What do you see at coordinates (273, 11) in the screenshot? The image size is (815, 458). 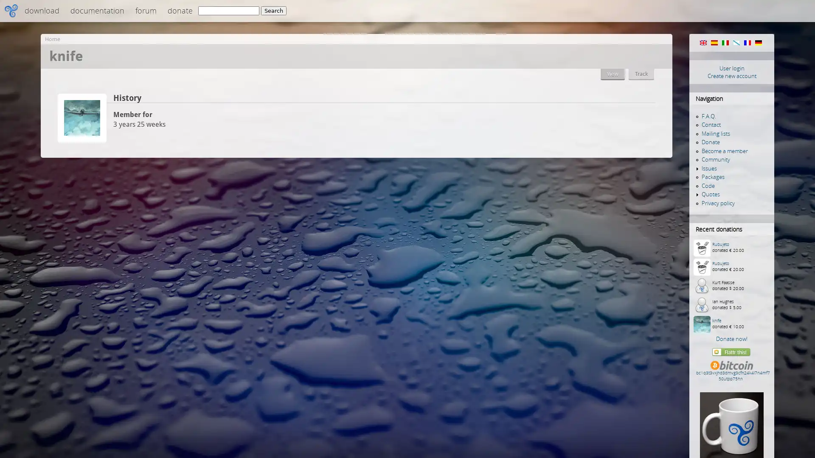 I see `Search` at bounding box center [273, 11].